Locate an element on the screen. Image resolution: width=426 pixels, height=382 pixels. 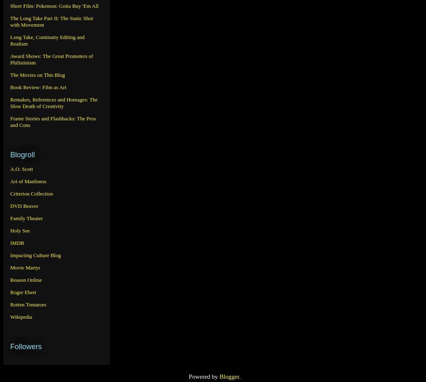
'Wikipedia' is located at coordinates (21, 316).